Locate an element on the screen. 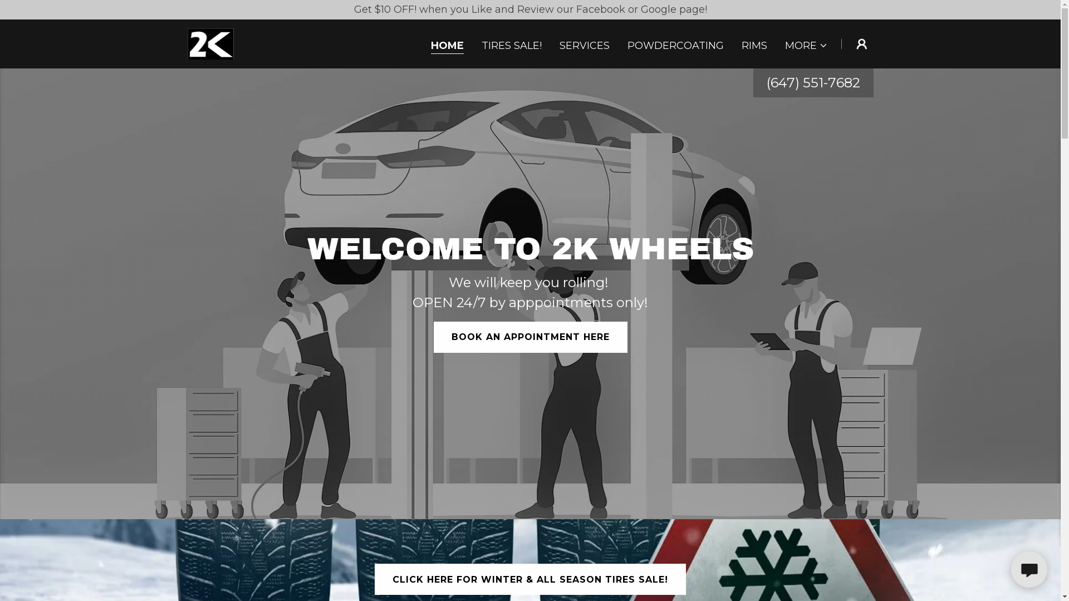 This screenshot has height=601, width=1069. '(647) 551-7682' is located at coordinates (812, 82).